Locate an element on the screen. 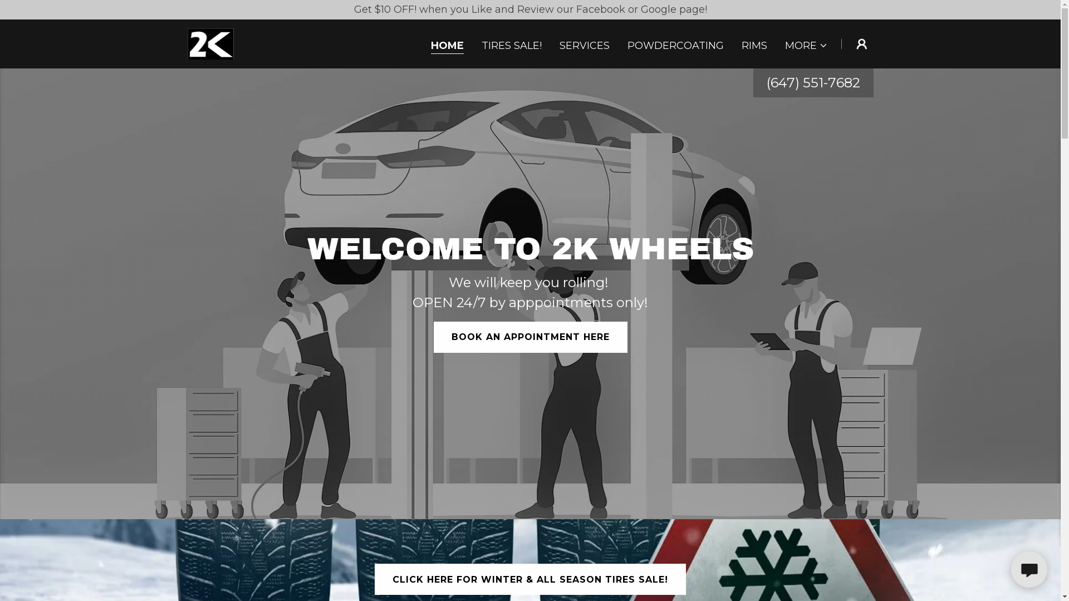 This screenshot has height=601, width=1069. '(647) 551-7682' is located at coordinates (812, 82).